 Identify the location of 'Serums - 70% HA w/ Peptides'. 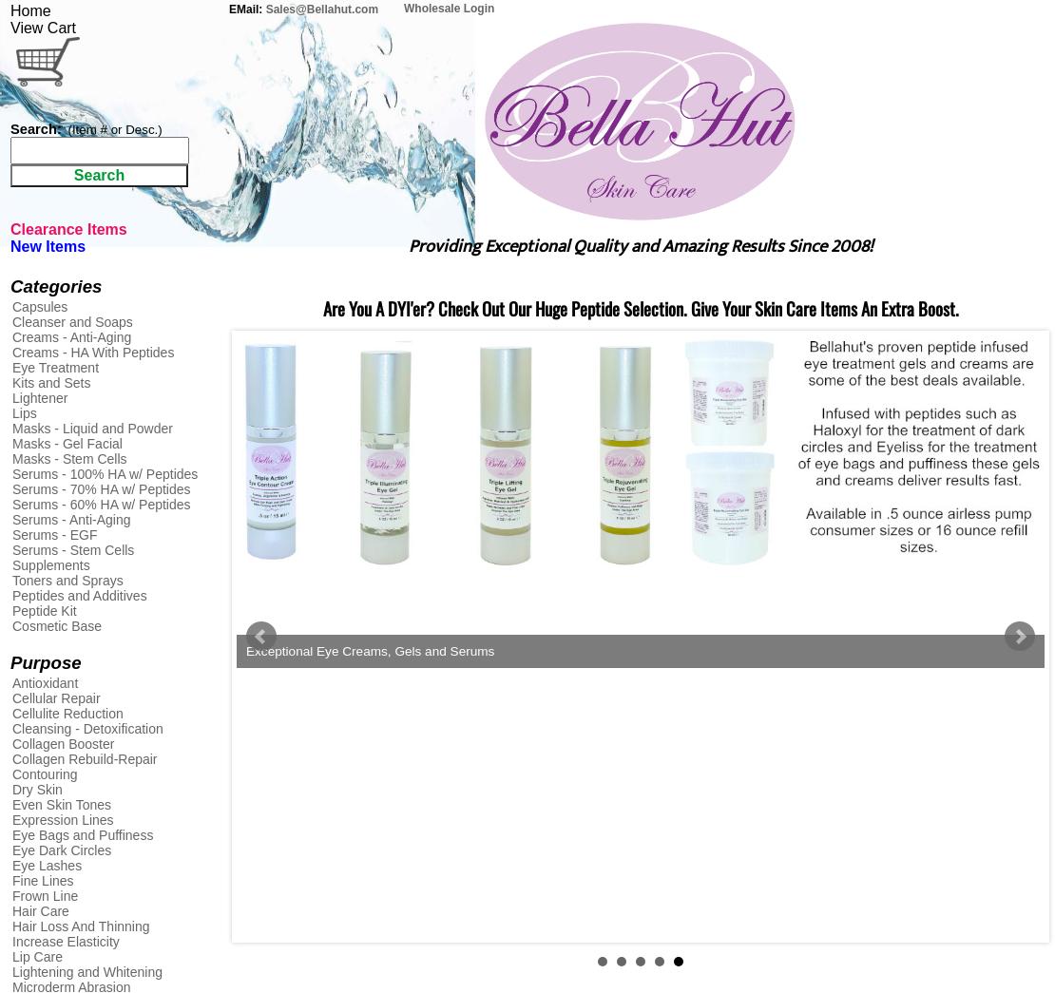
(100, 487).